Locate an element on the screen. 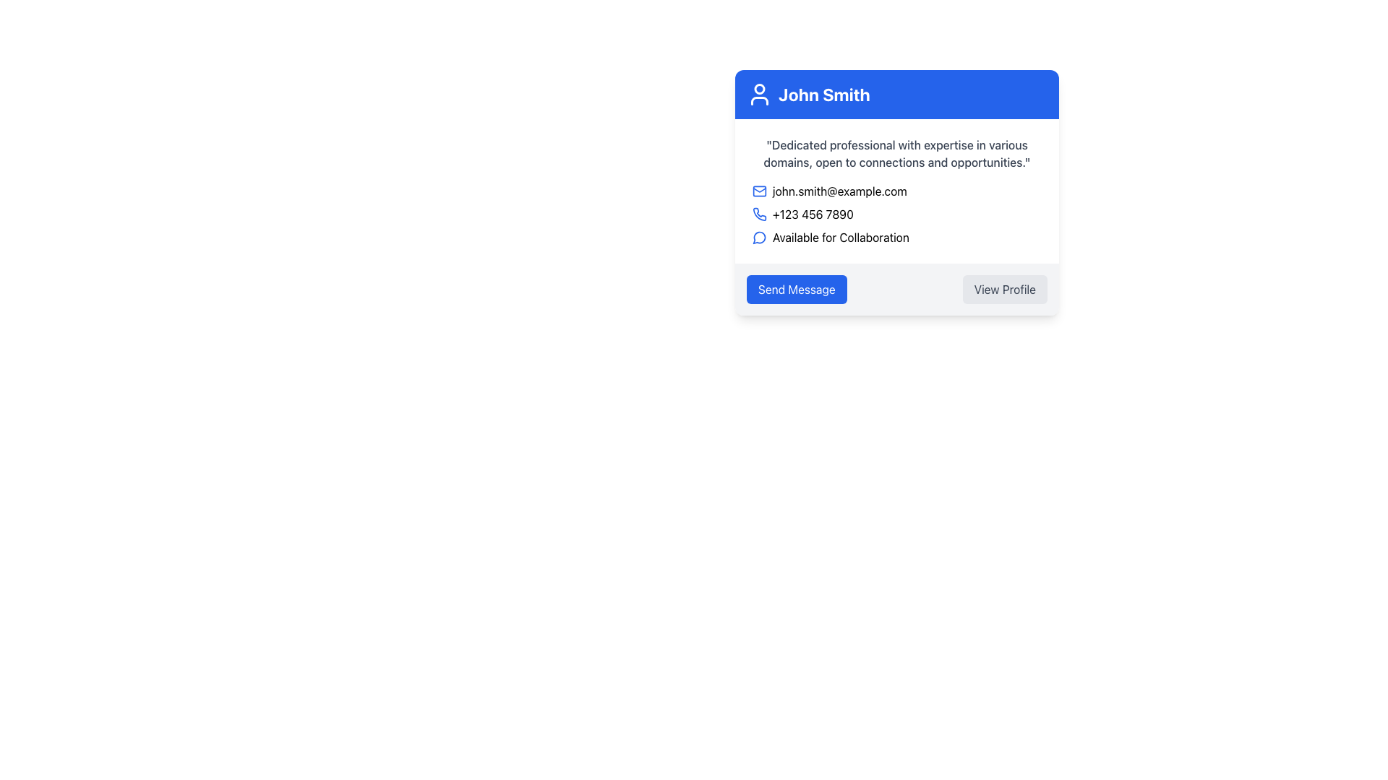 The image size is (1388, 780). the Icon component (rectangle inside the graphical mail icon) that visually indicates the contact email information, located within the blue mail icon on the left side of the profile card is located at coordinates (759, 191).